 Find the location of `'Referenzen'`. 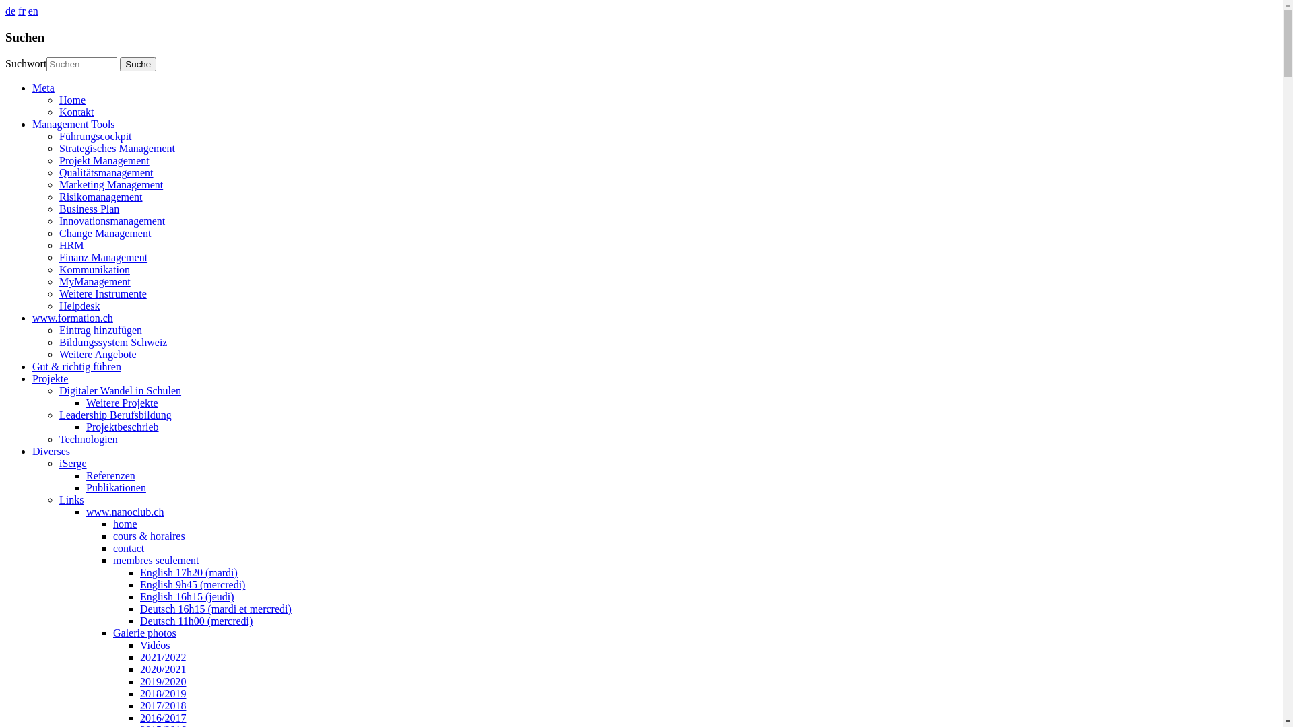

'Referenzen' is located at coordinates (110, 475).